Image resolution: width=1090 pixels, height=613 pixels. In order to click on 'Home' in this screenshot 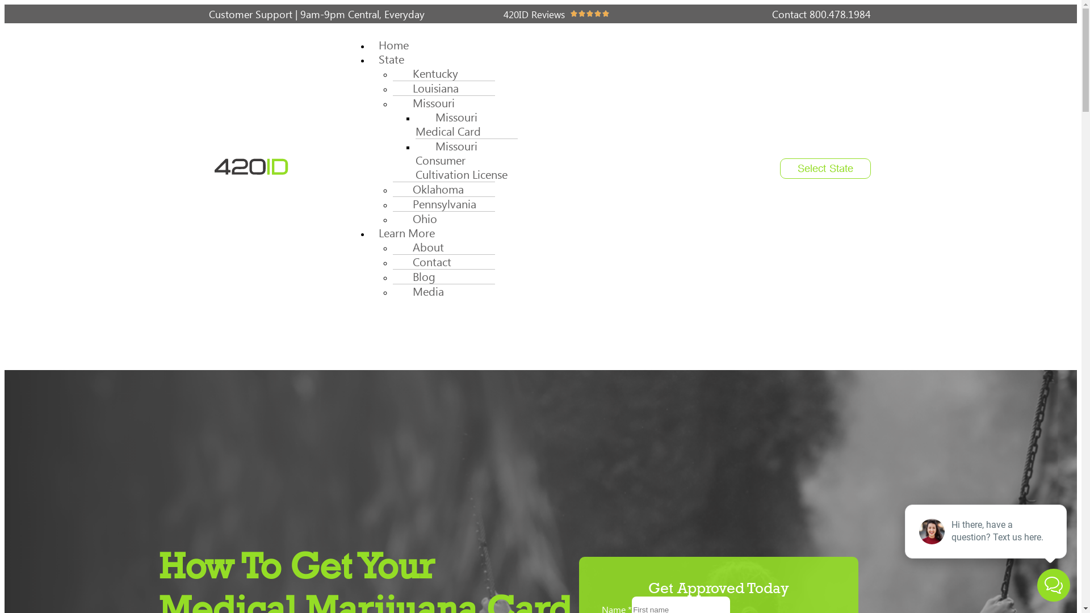, I will do `click(393, 44)`.